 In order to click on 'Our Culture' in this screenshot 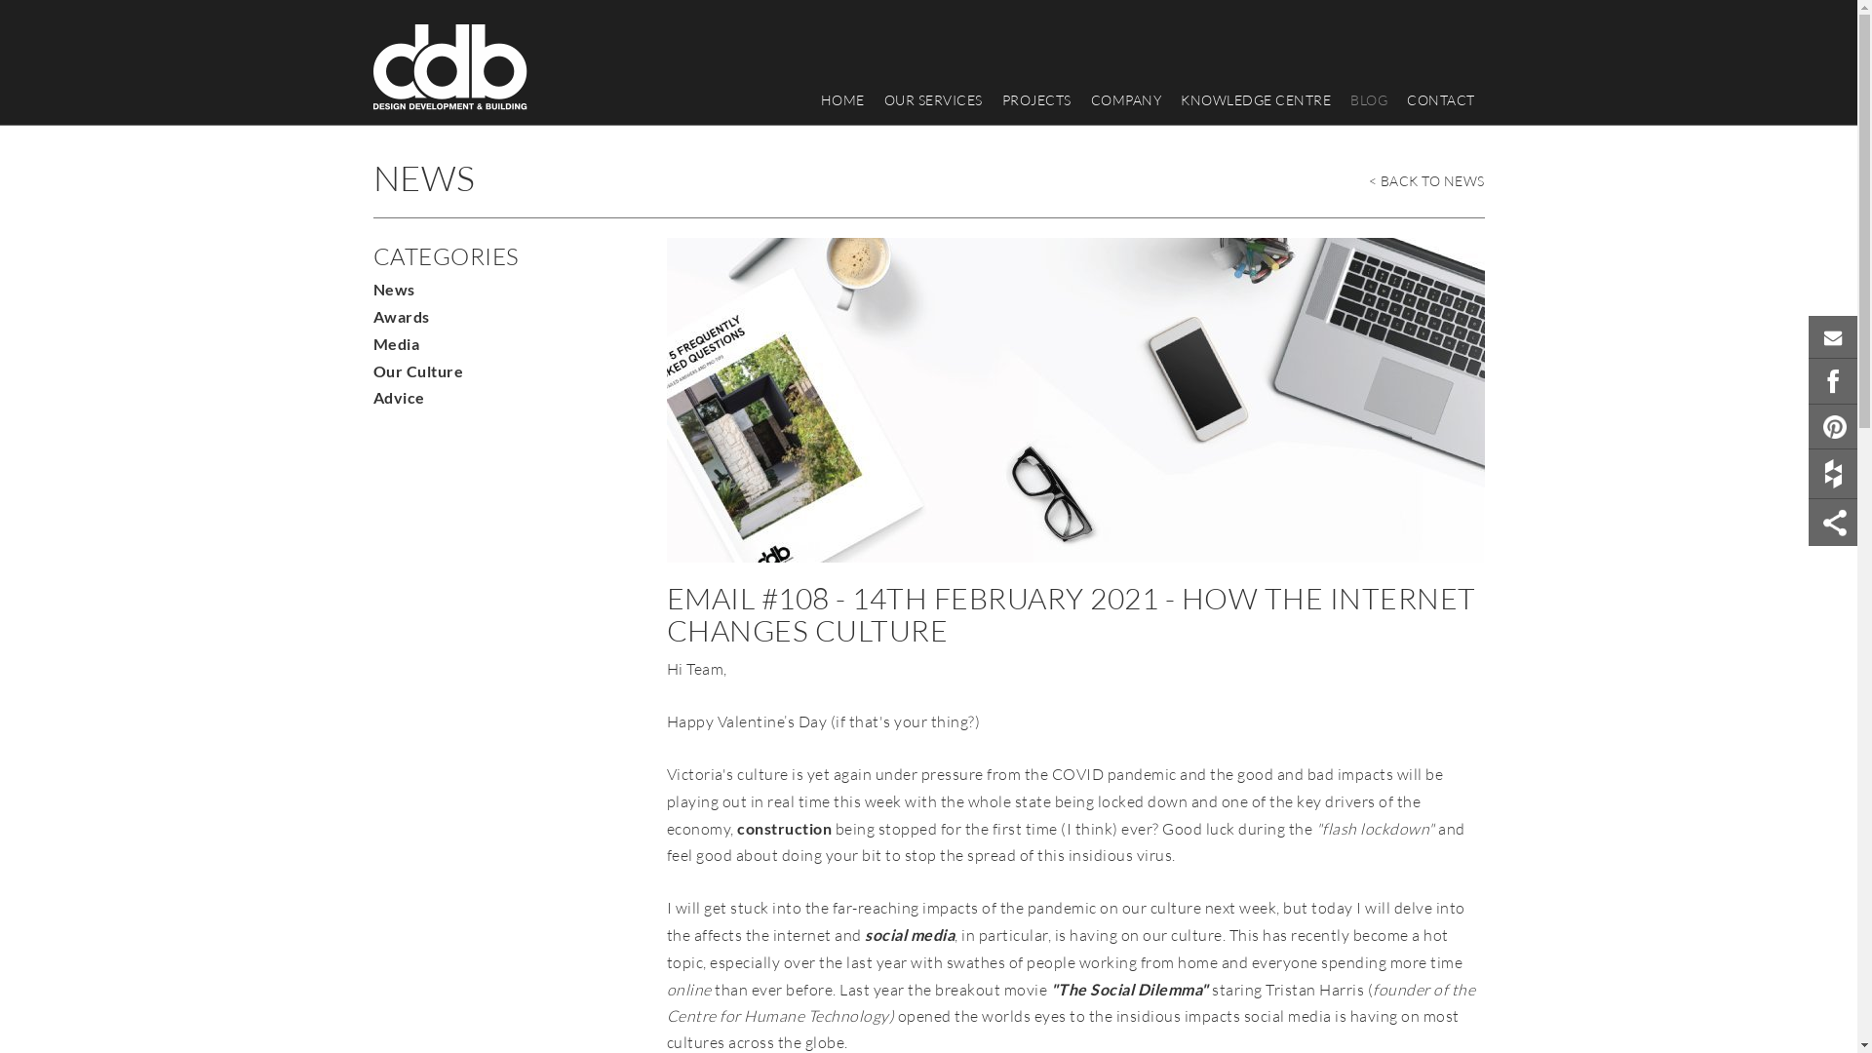, I will do `click(416, 370)`.